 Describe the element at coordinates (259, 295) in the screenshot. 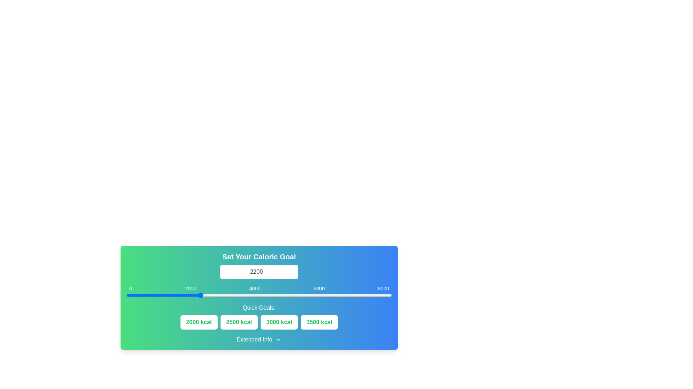

I see `the track of the slider component to set the knob position, allowing users to choose a value within the range of 0 to 8000, which is located below the label 'Set Your Caloric Goal' and above the 'Quick Goals' section` at that location.